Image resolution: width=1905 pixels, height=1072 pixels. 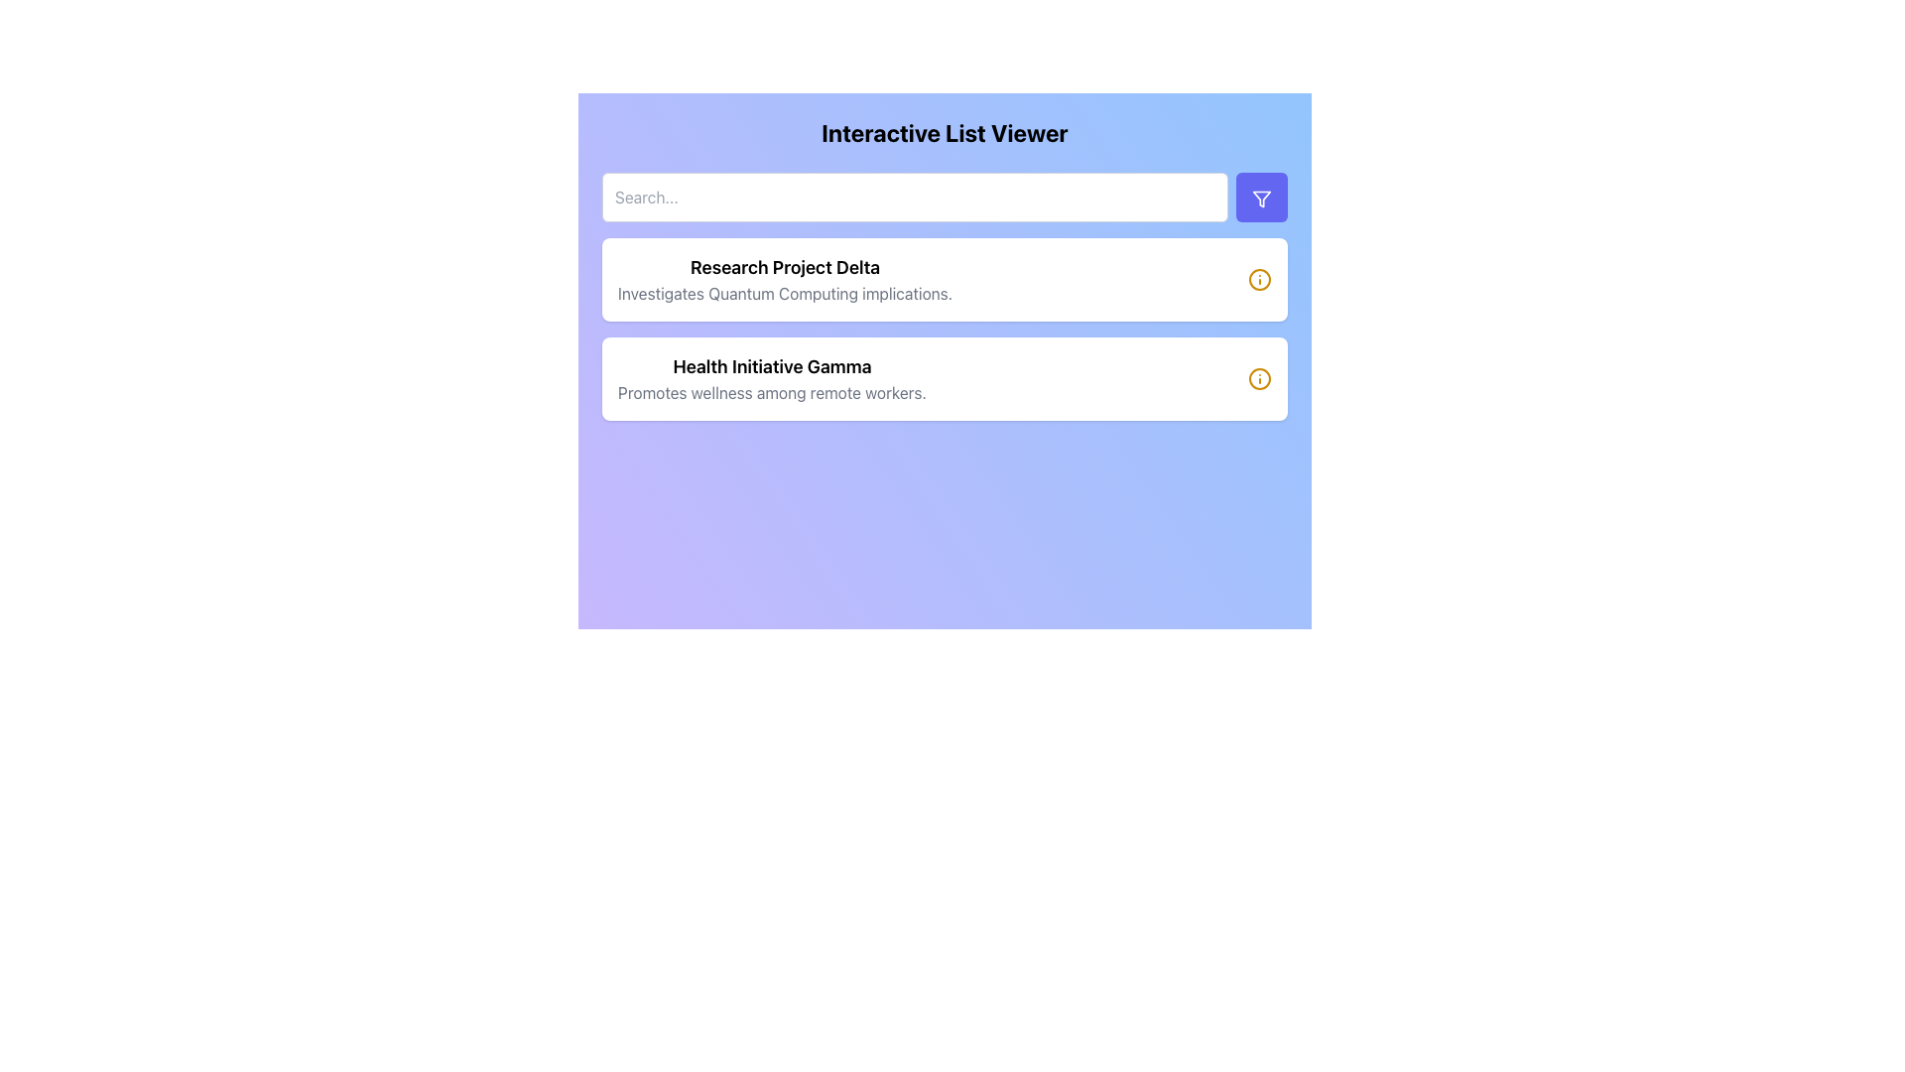 I want to click on the interactive Icon Button located in the lower-right corner of the 'Health Initiative Gamma' card, so click(x=1259, y=378).